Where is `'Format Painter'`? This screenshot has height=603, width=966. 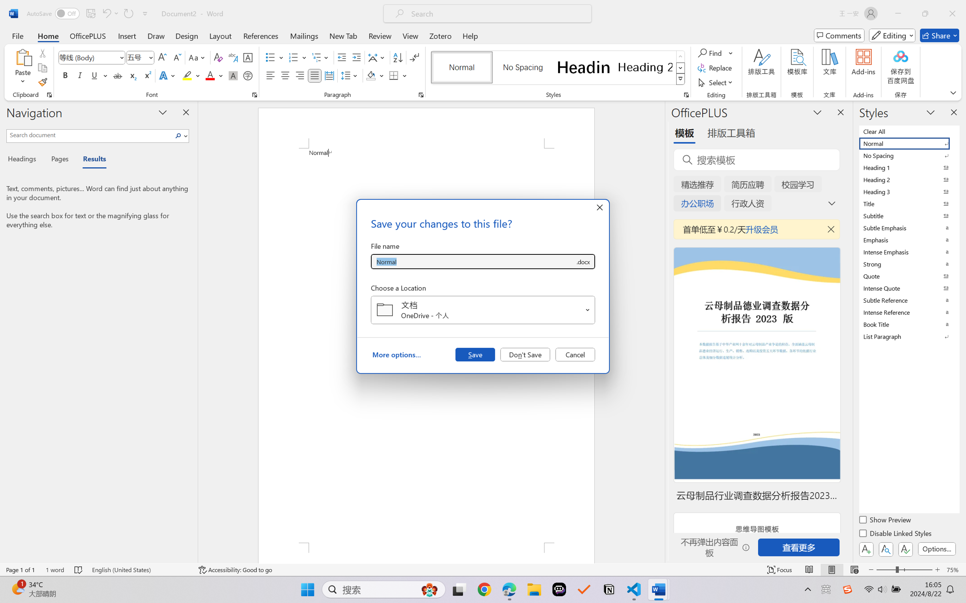 'Format Painter' is located at coordinates (42, 83).